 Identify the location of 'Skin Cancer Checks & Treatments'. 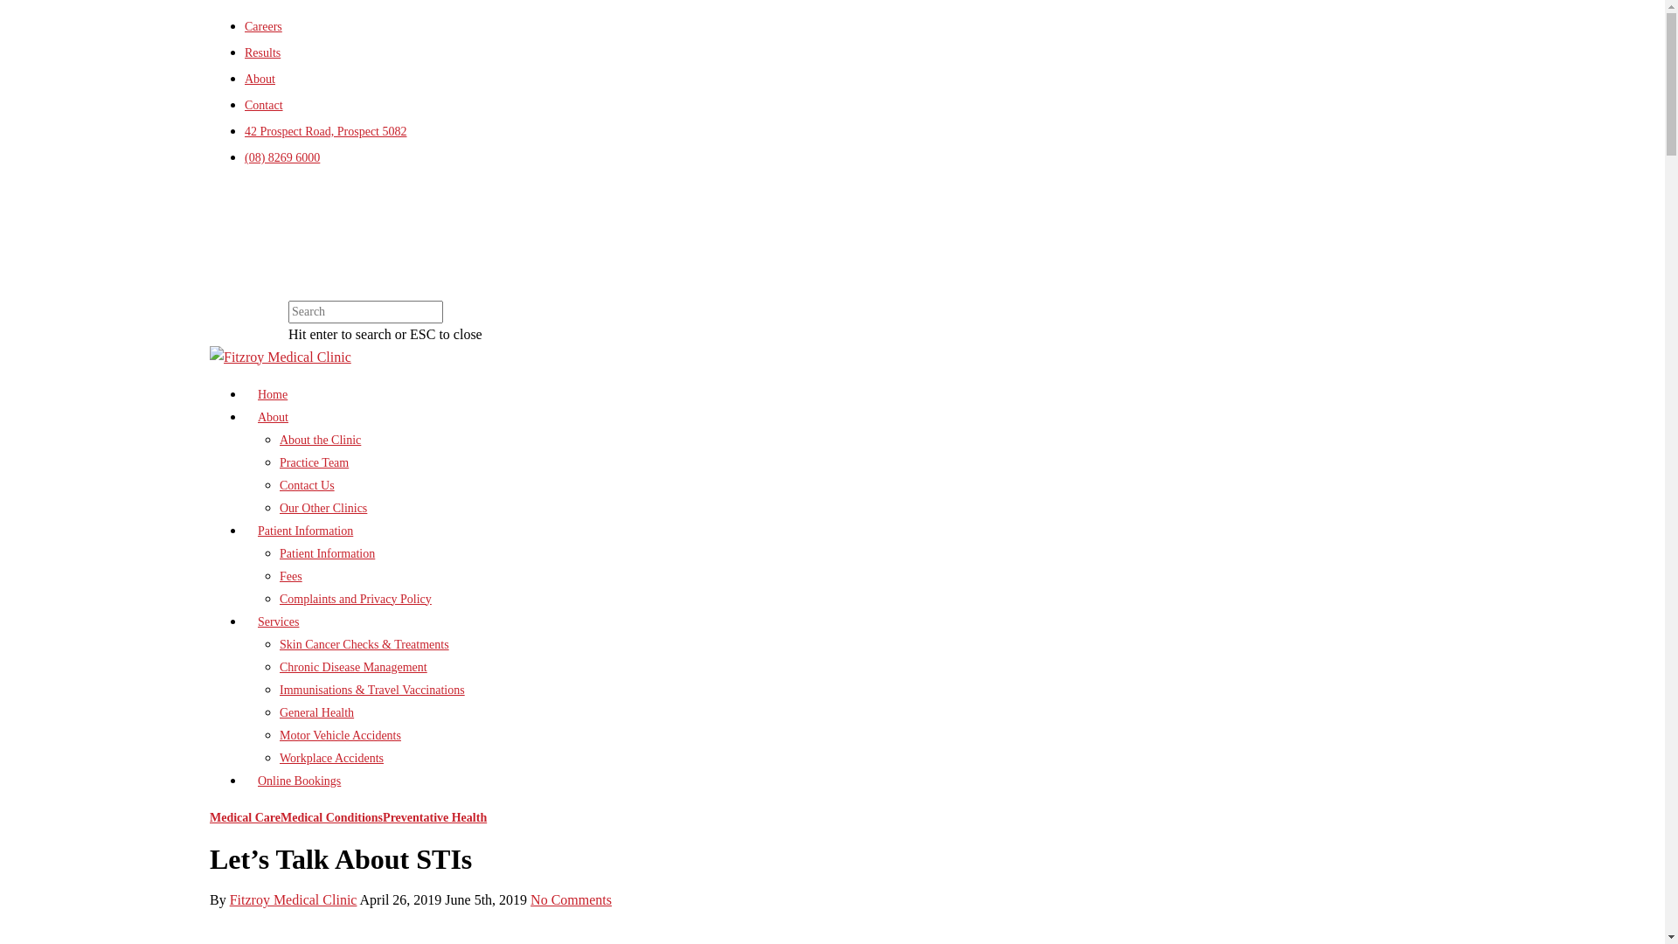
(364, 644).